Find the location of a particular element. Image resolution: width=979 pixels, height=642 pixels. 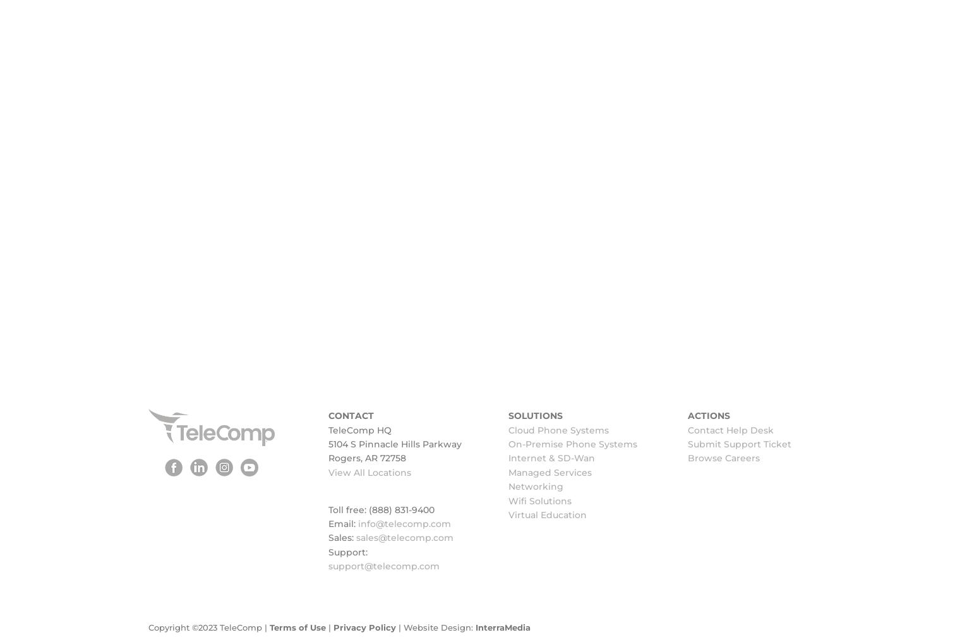

'Copyright ©2023 TeleComp |' is located at coordinates (148, 627).